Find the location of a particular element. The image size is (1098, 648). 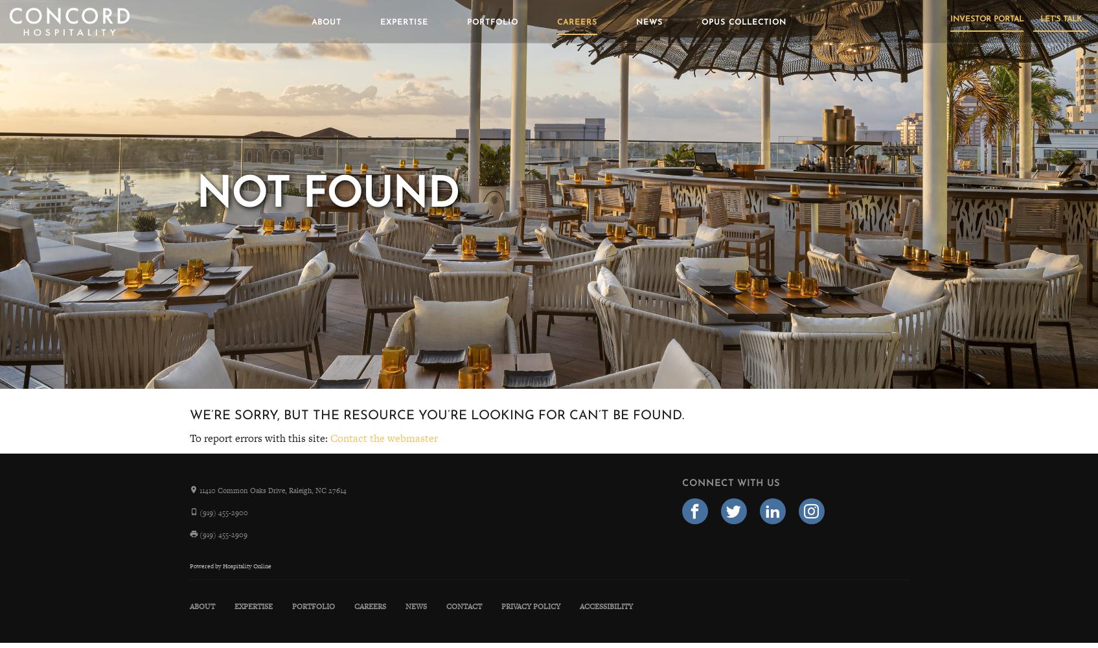

'Concord University' is located at coordinates (618, 150).